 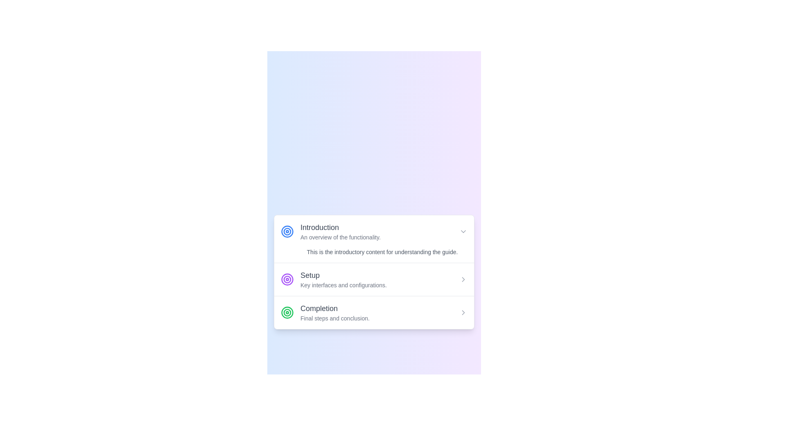 I want to click on the informational text content located below the 'Introduction' section header and above the 'Setup' section in the card, which provides descriptive guidance related to the 'Introduction' section, so click(x=382, y=252).